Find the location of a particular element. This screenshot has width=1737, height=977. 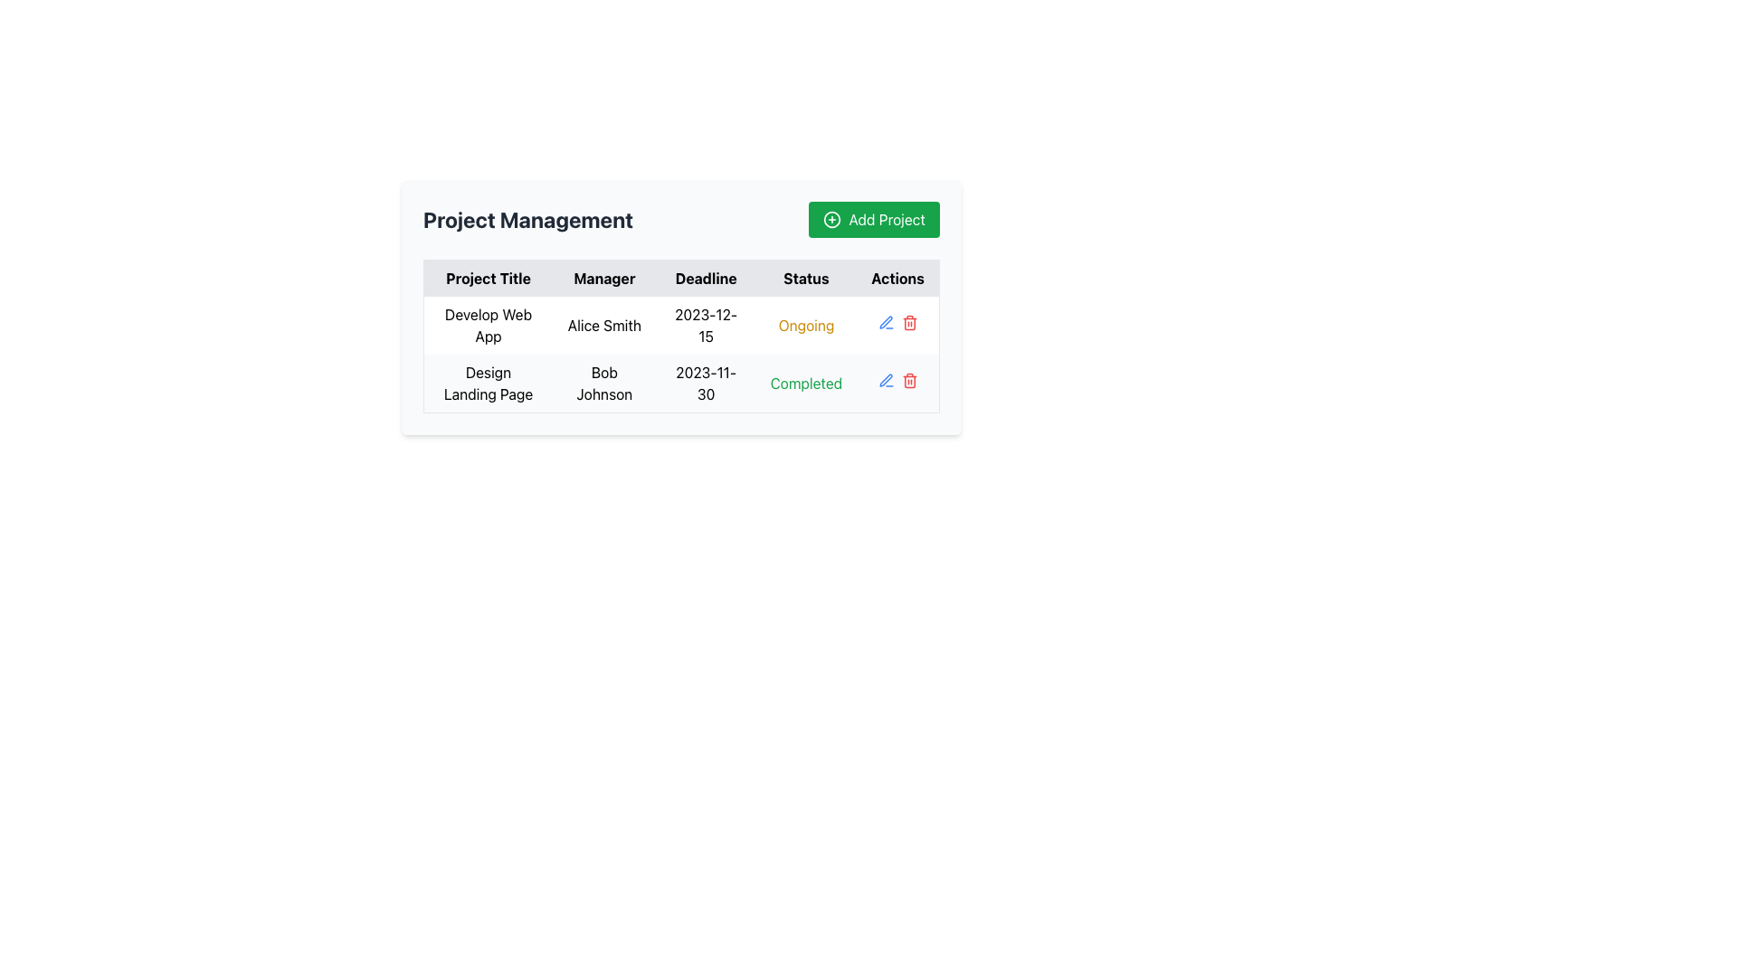

the 'Edit' icon located in the second row of the 'Actions' column in the 'Project Management' table to initiate editing for the relevant project details is located at coordinates (886, 321).